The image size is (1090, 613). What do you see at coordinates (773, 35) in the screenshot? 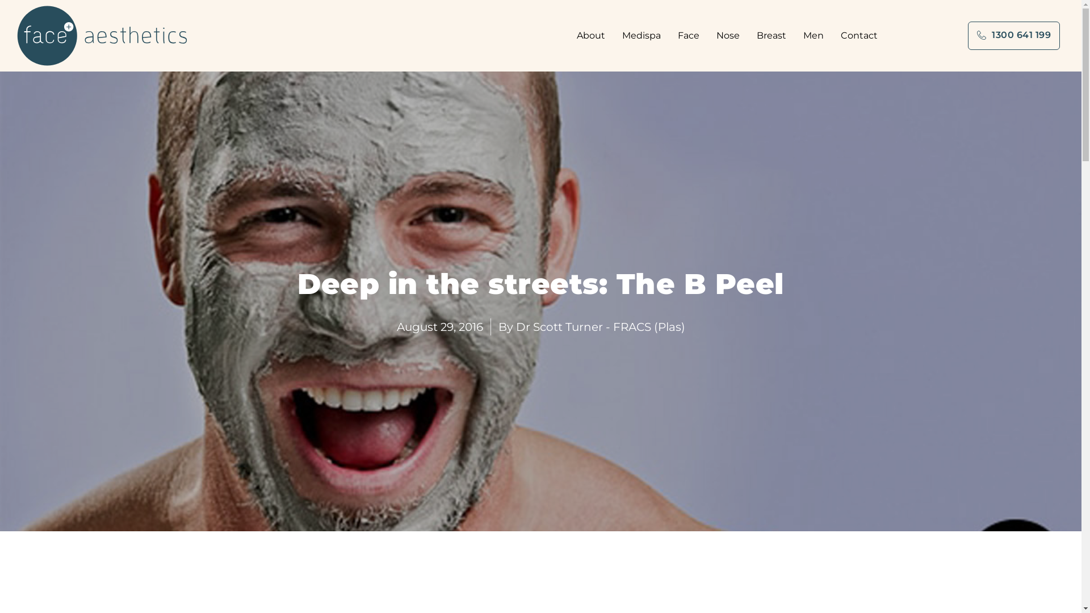
I see `'Breast'` at bounding box center [773, 35].